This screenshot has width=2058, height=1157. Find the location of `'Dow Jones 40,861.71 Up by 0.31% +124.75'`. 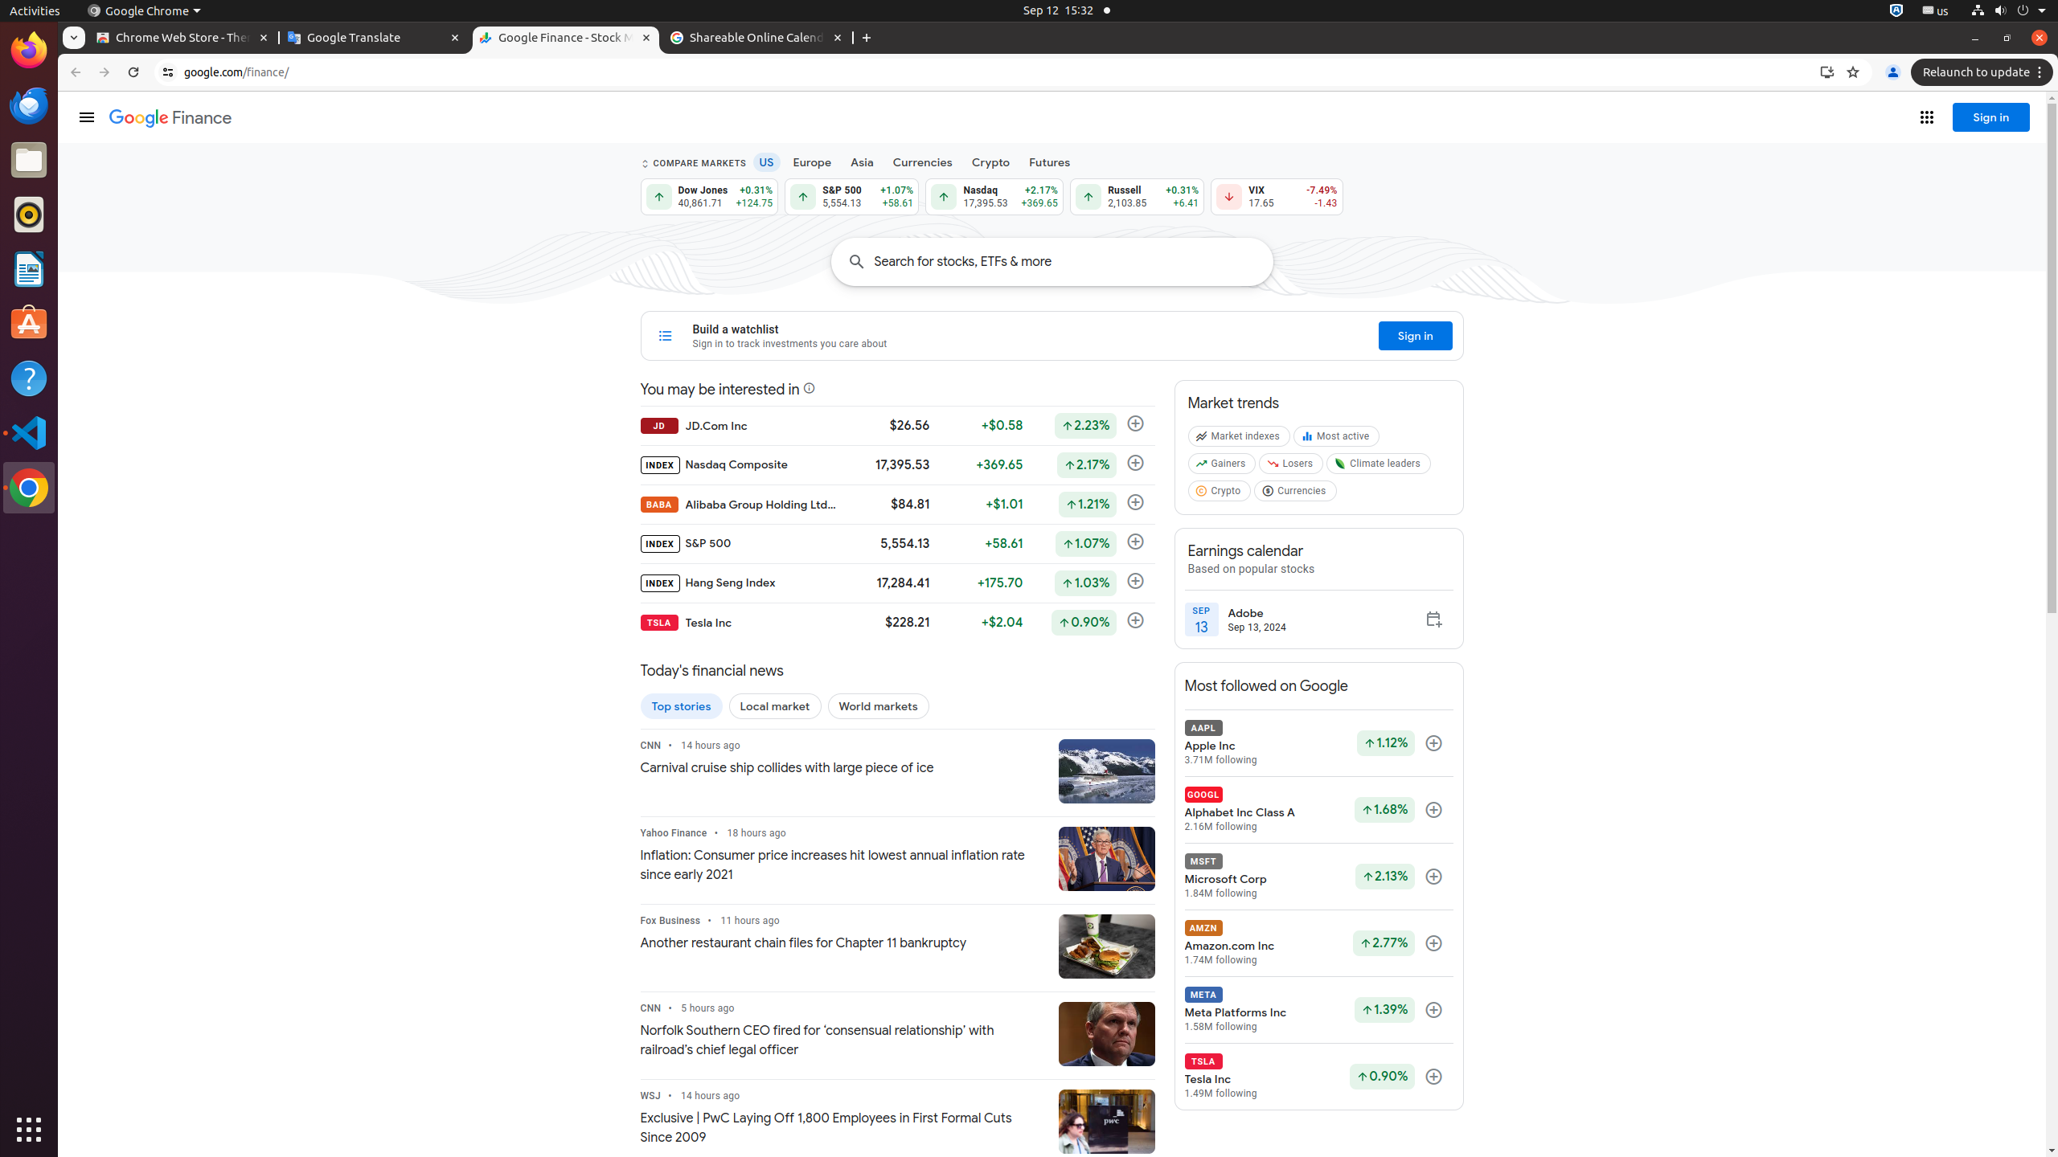

'Dow Jones 40,861.71 Up by 0.31% +124.75' is located at coordinates (708, 196).